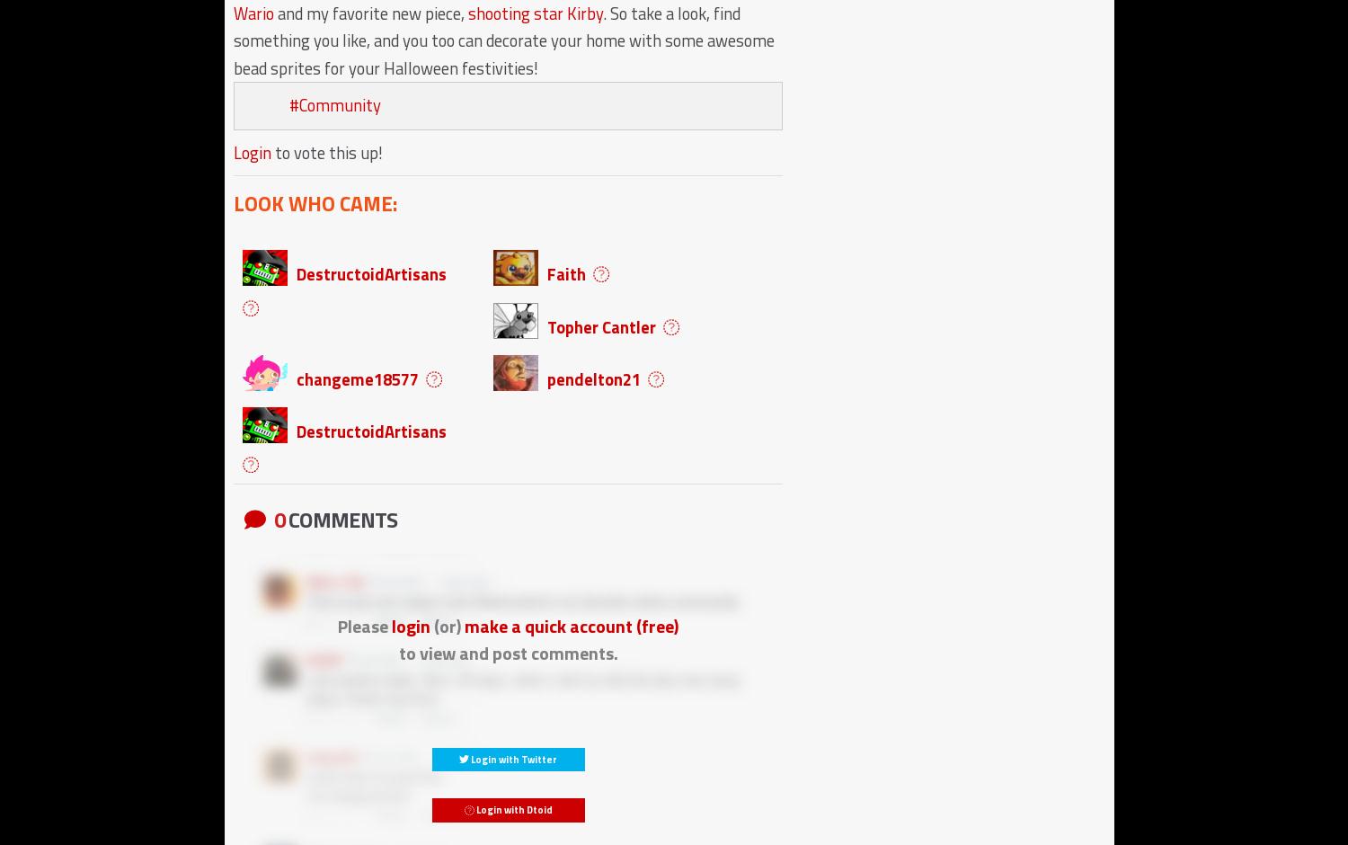 This screenshot has width=1348, height=845. I want to click on 'COMMENTS', so click(341, 518).